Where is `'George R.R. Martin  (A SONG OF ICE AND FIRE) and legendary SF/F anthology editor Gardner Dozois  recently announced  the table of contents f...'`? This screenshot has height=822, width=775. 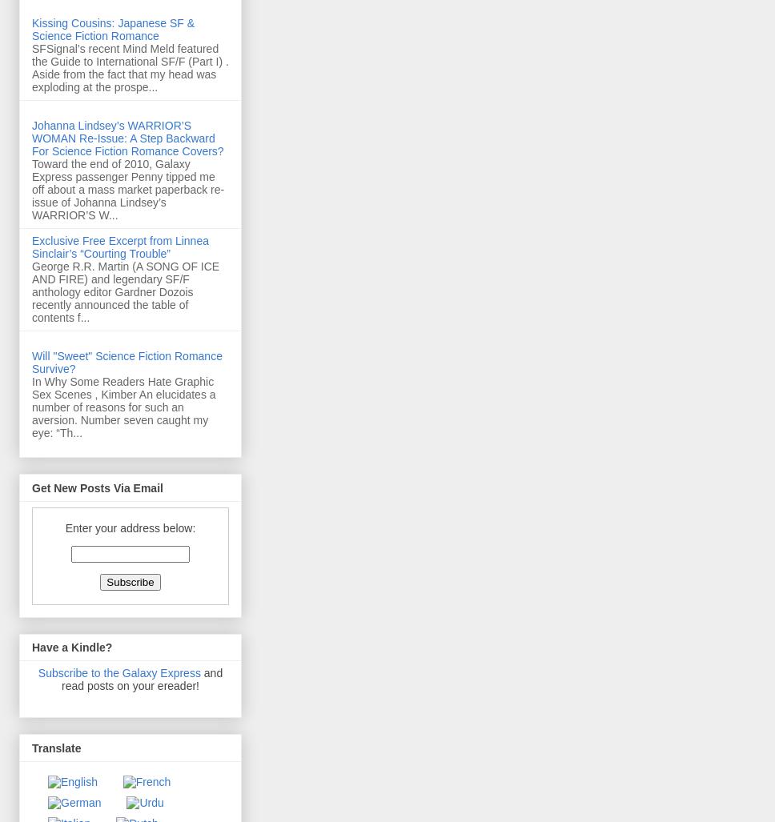
'George R.R. Martin  (A SONG OF ICE AND FIRE) and legendary SF/F anthology editor Gardner Dozois  recently announced  the table of contents f...' is located at coordinates (125, 291).